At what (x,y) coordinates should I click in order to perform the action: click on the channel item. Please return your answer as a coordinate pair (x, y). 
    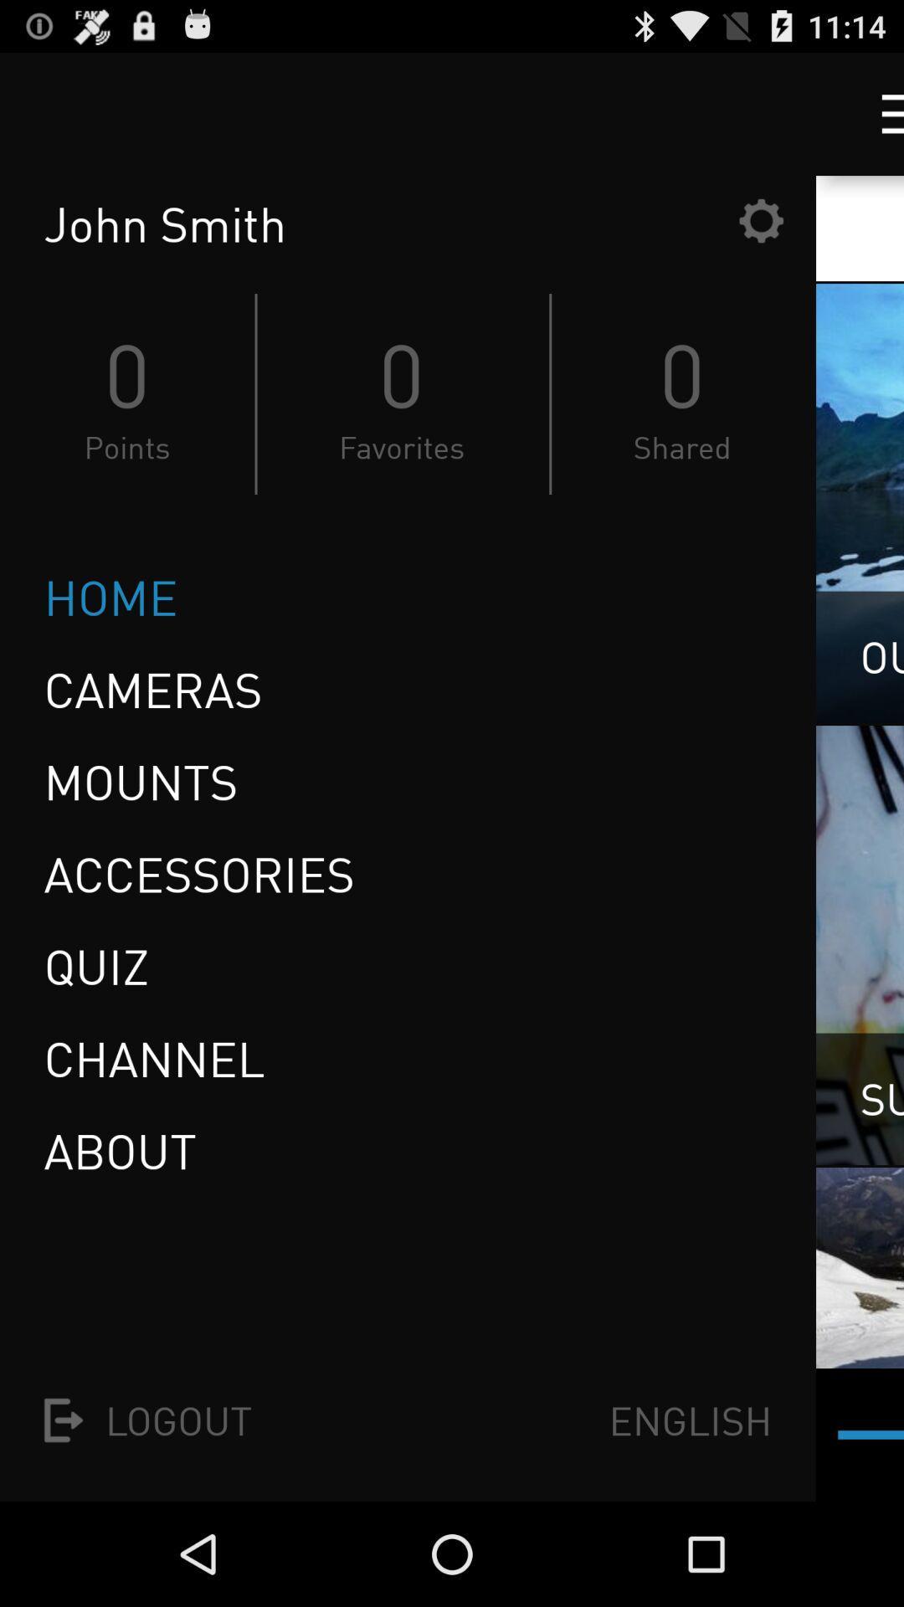
    Looking at the image, I should click on (154, 1058).